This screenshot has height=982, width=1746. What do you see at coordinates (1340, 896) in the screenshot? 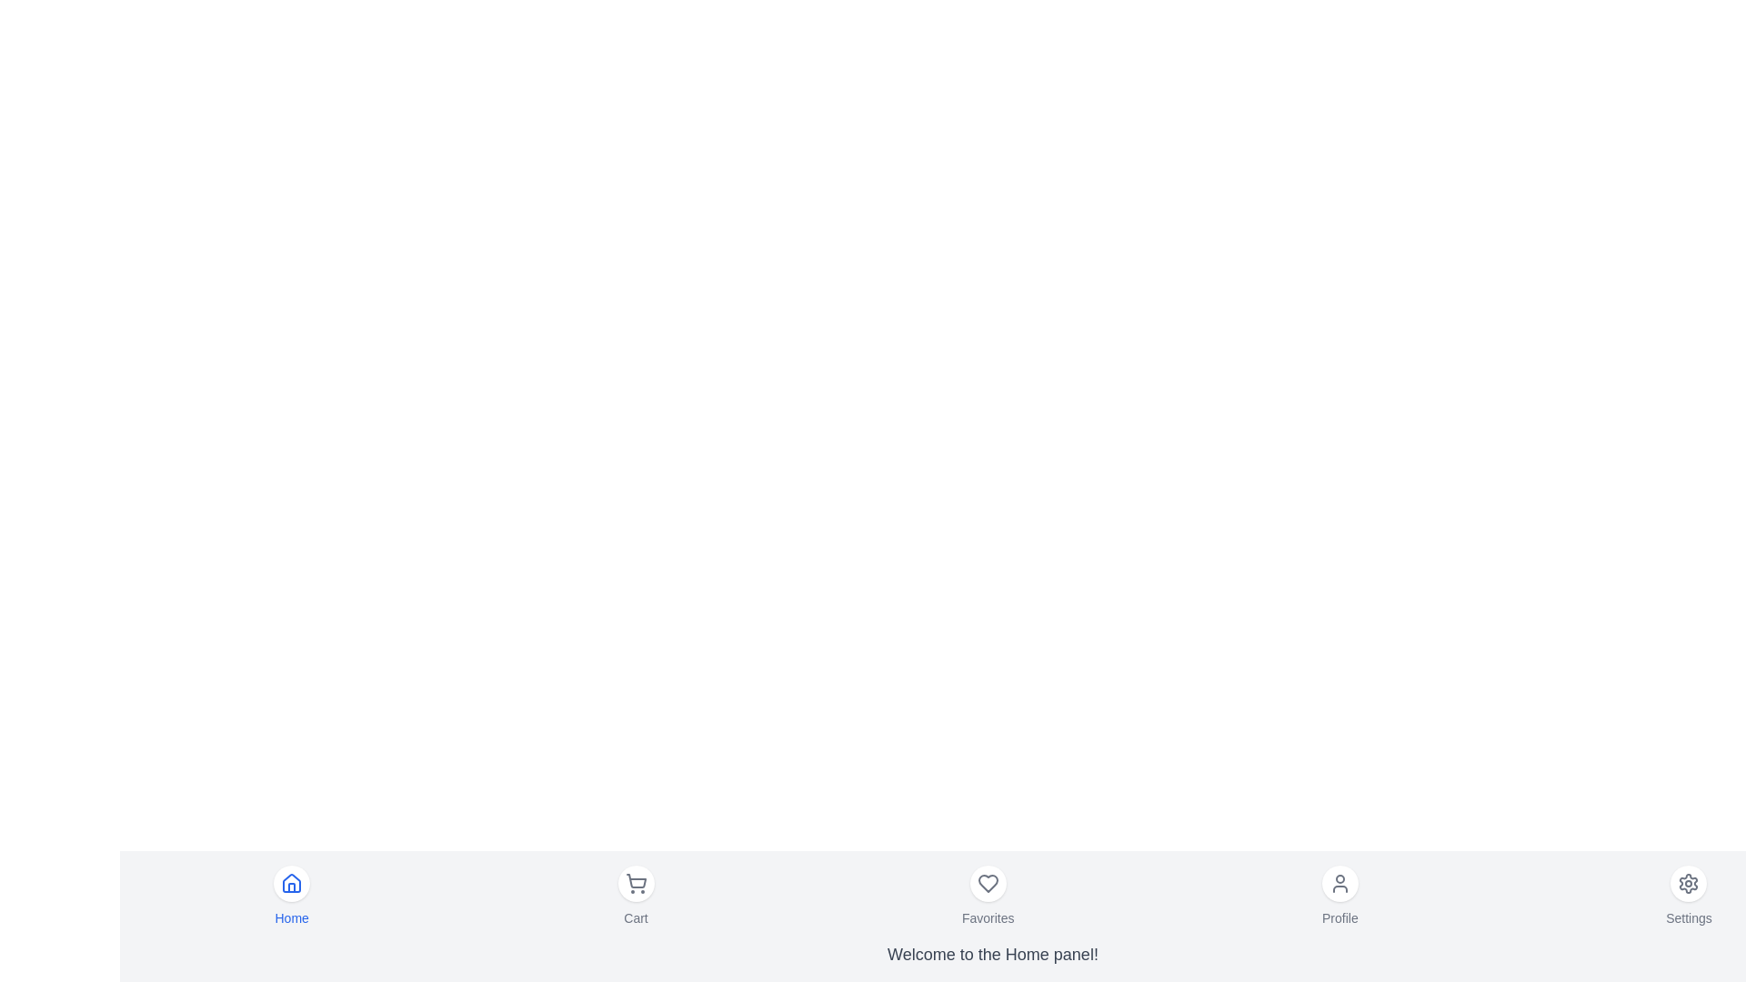
I see `the menu item labeled Profile to observe the hover effect` at bounding box center [1340, 896].